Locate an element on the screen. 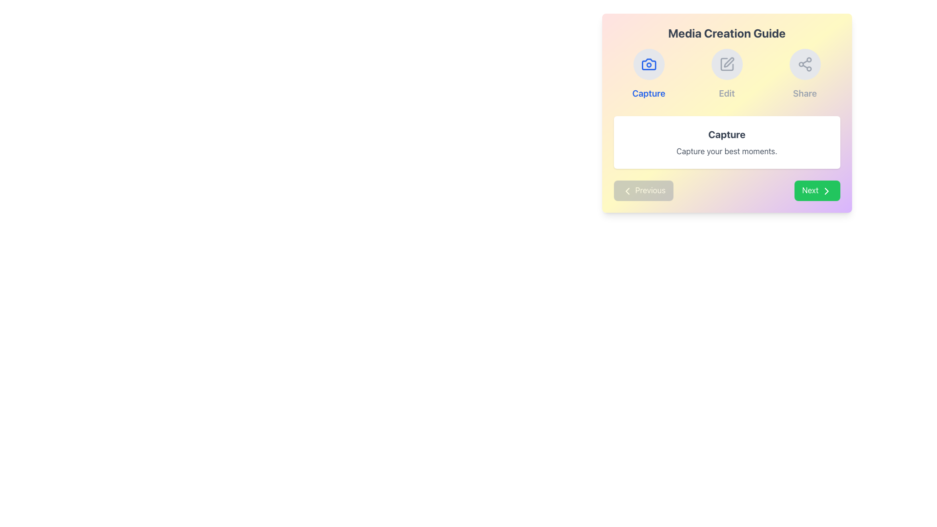 This screenshot has width=937, height=527. the Static Text Label reading 'Capture' which is styled in bold, medium-large blue font and located below the camera icon in the 'Media Creation Guide' card section is located at coordinates (649, 94).